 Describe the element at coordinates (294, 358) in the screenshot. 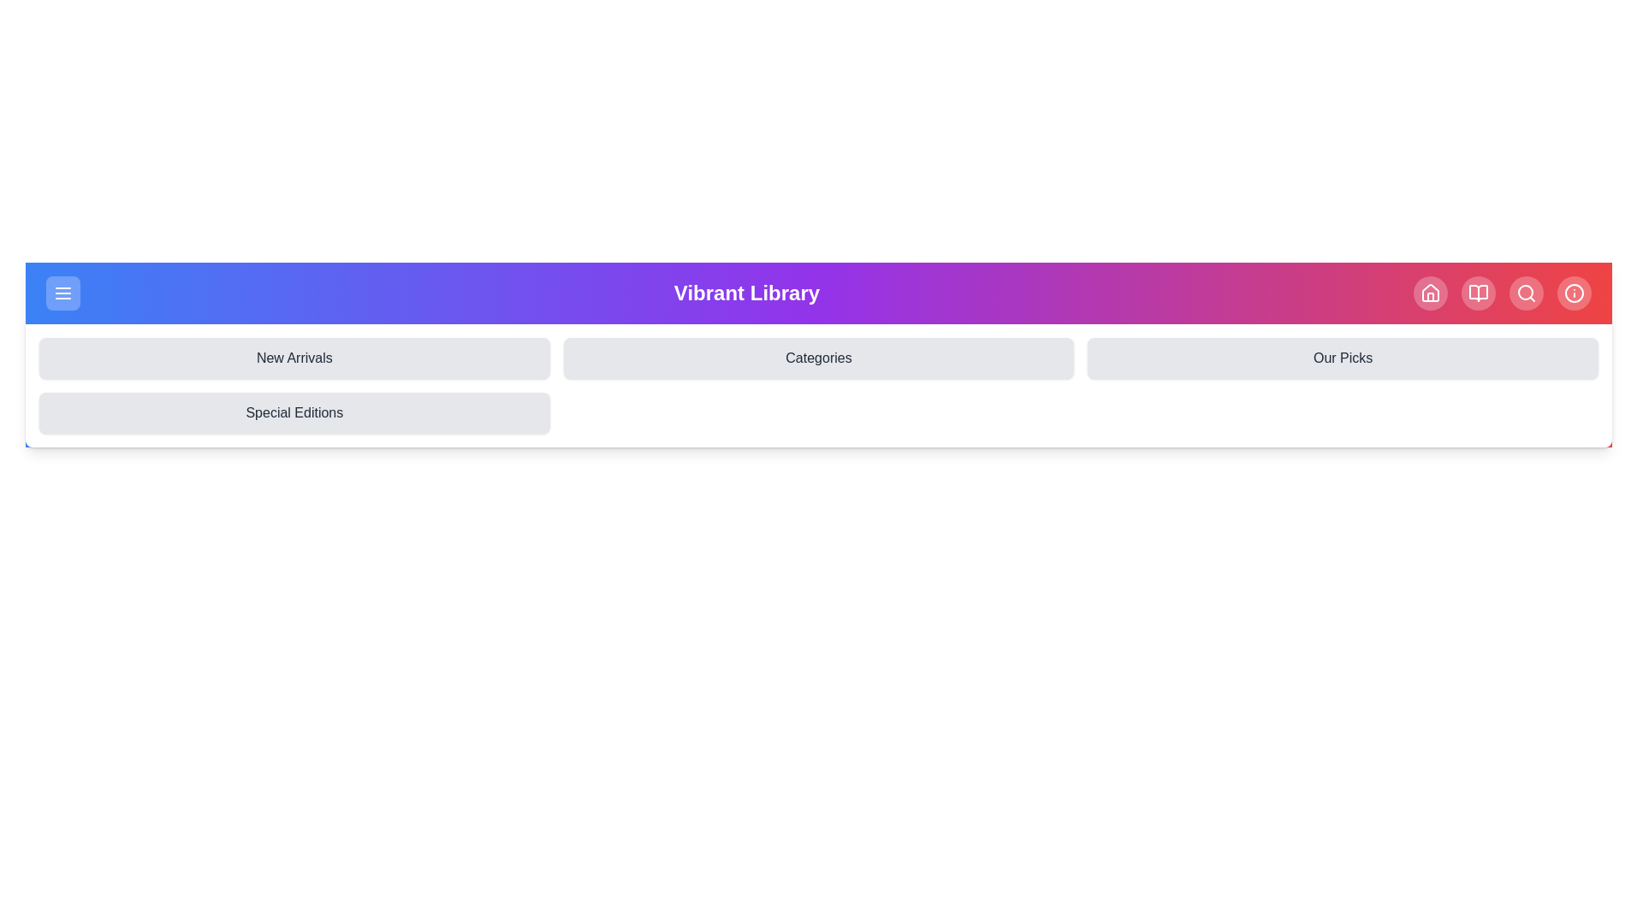

I see `the New Arrivals button to activate it` at that location.